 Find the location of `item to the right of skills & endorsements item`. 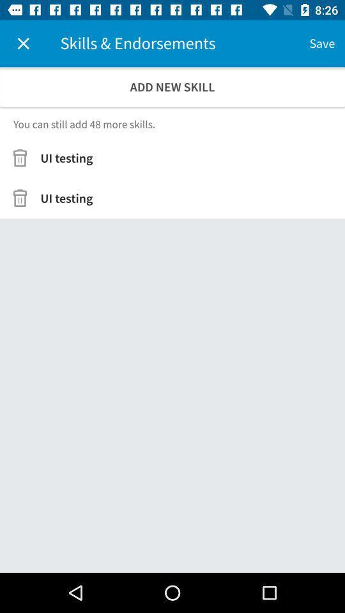

item to the right of skills & endorsements item is located at coordinates (321, 43).